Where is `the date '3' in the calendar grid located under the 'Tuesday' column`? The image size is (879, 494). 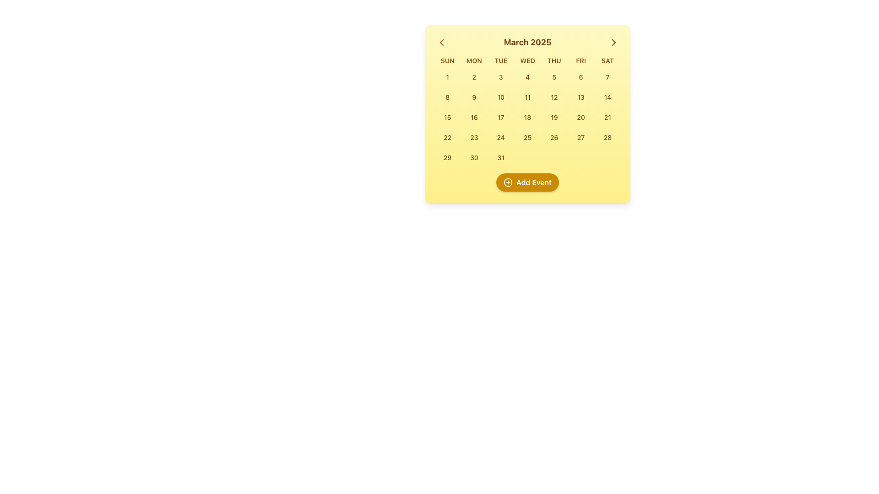
the date '3' in the calendar grid located under the 'Tuesday' column is located at coordinates (500, 76).